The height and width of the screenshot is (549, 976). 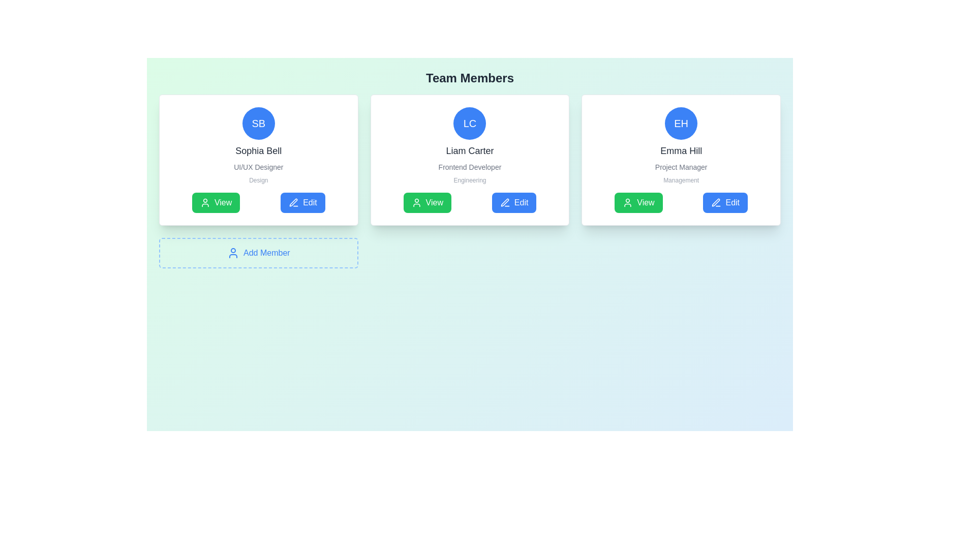 What do you see at coordinates (469, 151) in the screenshot?
I see `the text displaying 'Liam Carter', which is prominently positioned below the avatar and above the job title in the middle card layout` at bounding box center [469, 151].